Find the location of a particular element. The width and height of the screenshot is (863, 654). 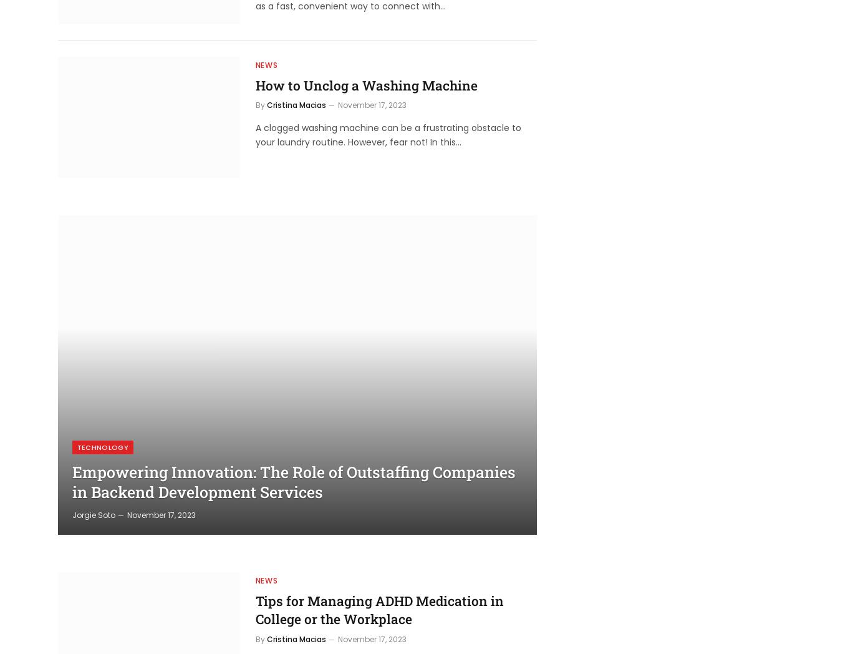

'Empowering Innovation: The Role of Outstaffing Companies in Backend Development Services' is located at coordinates (292, 481).